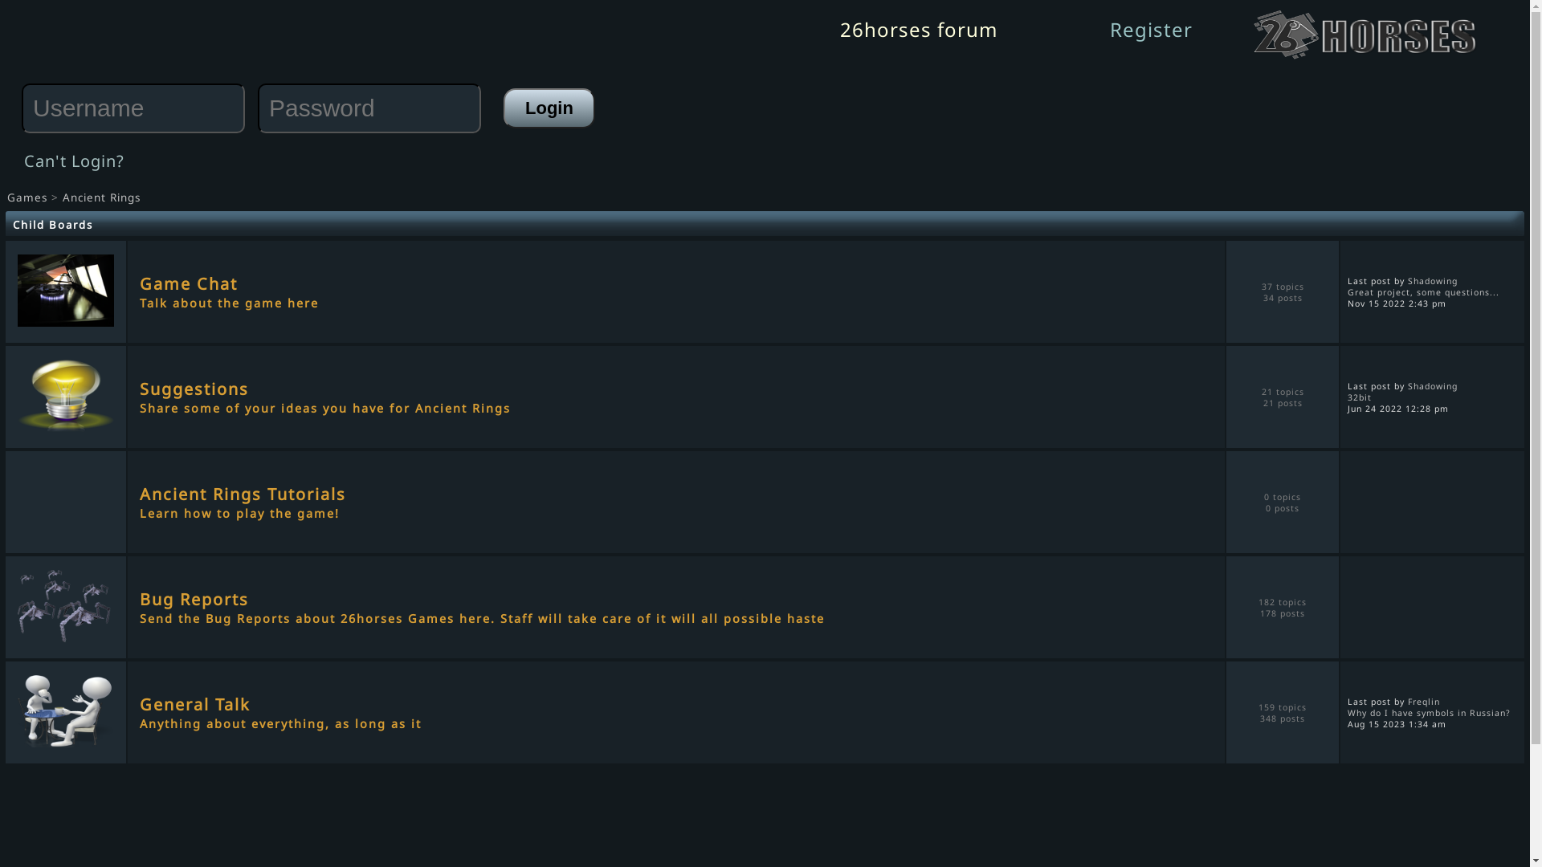 The image size is (1542, 867). What do you see at coordinates (1423, 291) in the screenshot?
I see `'Great project, some questions...'` at bounding box center [1423, 291].